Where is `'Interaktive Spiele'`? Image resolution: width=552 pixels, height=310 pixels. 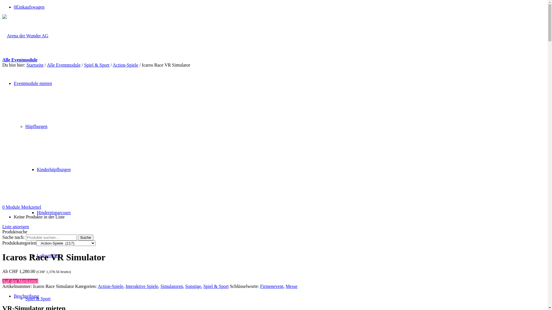 'Interaktive Spiele' is located at coordinates (142, 286).